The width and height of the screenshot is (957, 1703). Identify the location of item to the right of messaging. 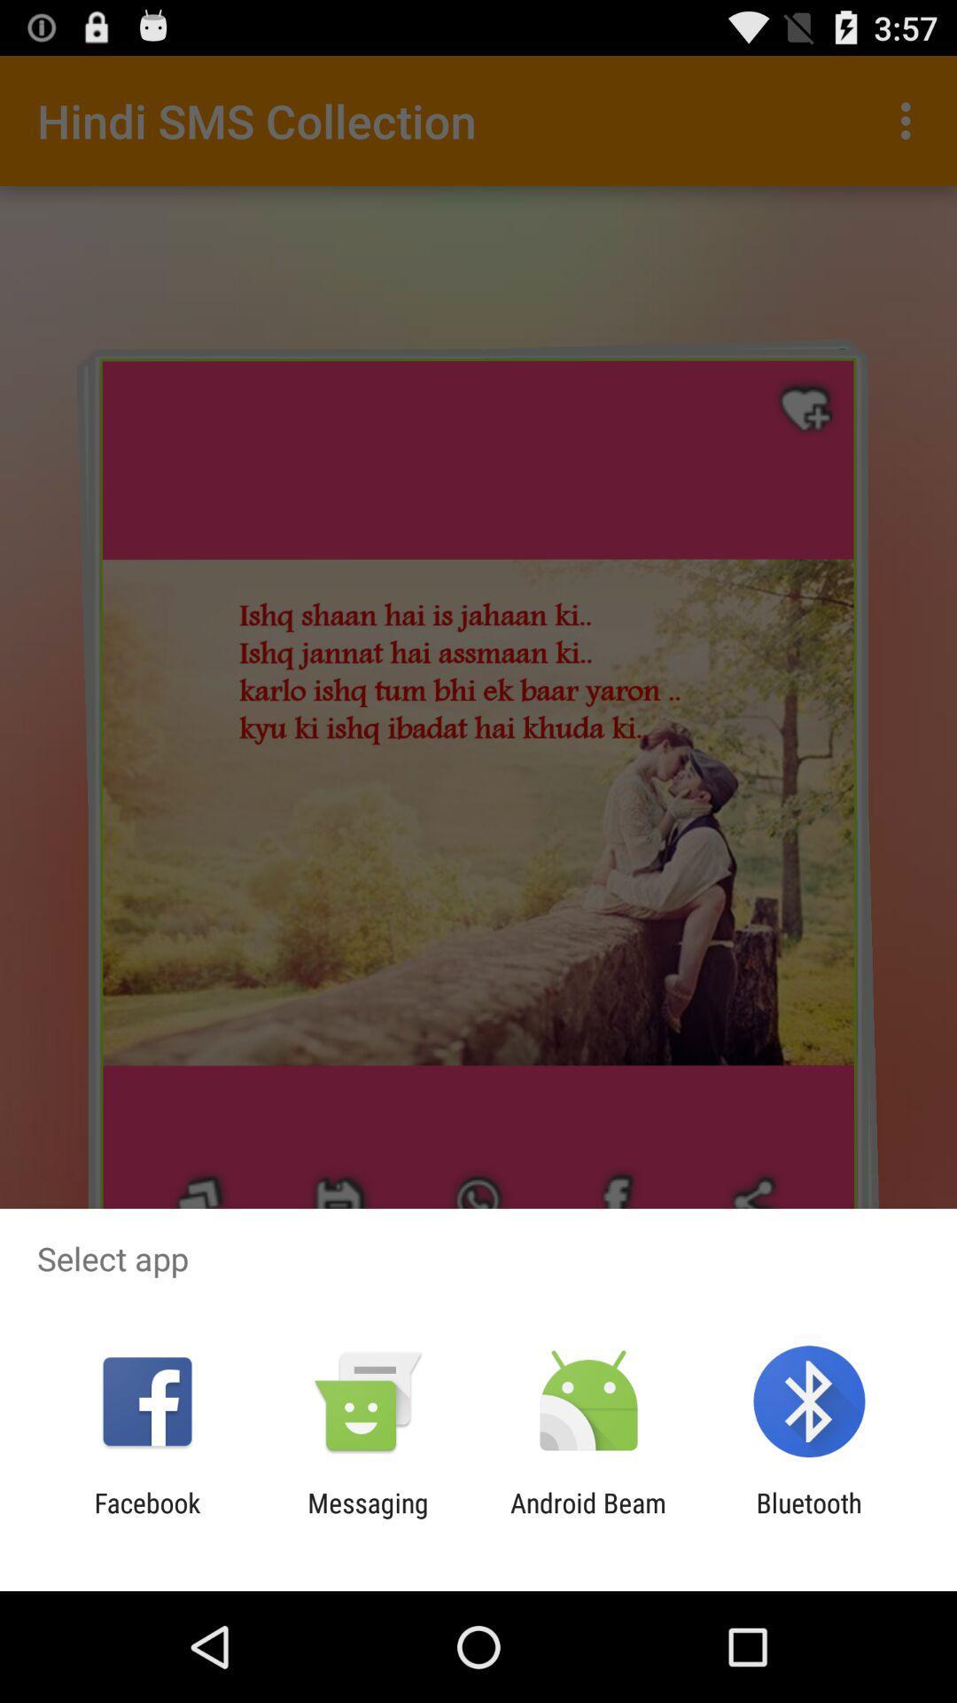
(588, 1518).